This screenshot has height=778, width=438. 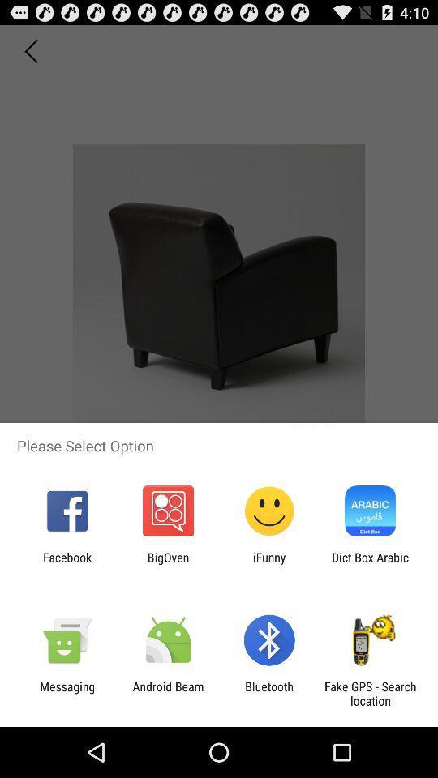 What do you see at coordinates (370, 693) in the screenshot?
I see `app to the right of the bluetooth icon` at bounding box center [370, 693].